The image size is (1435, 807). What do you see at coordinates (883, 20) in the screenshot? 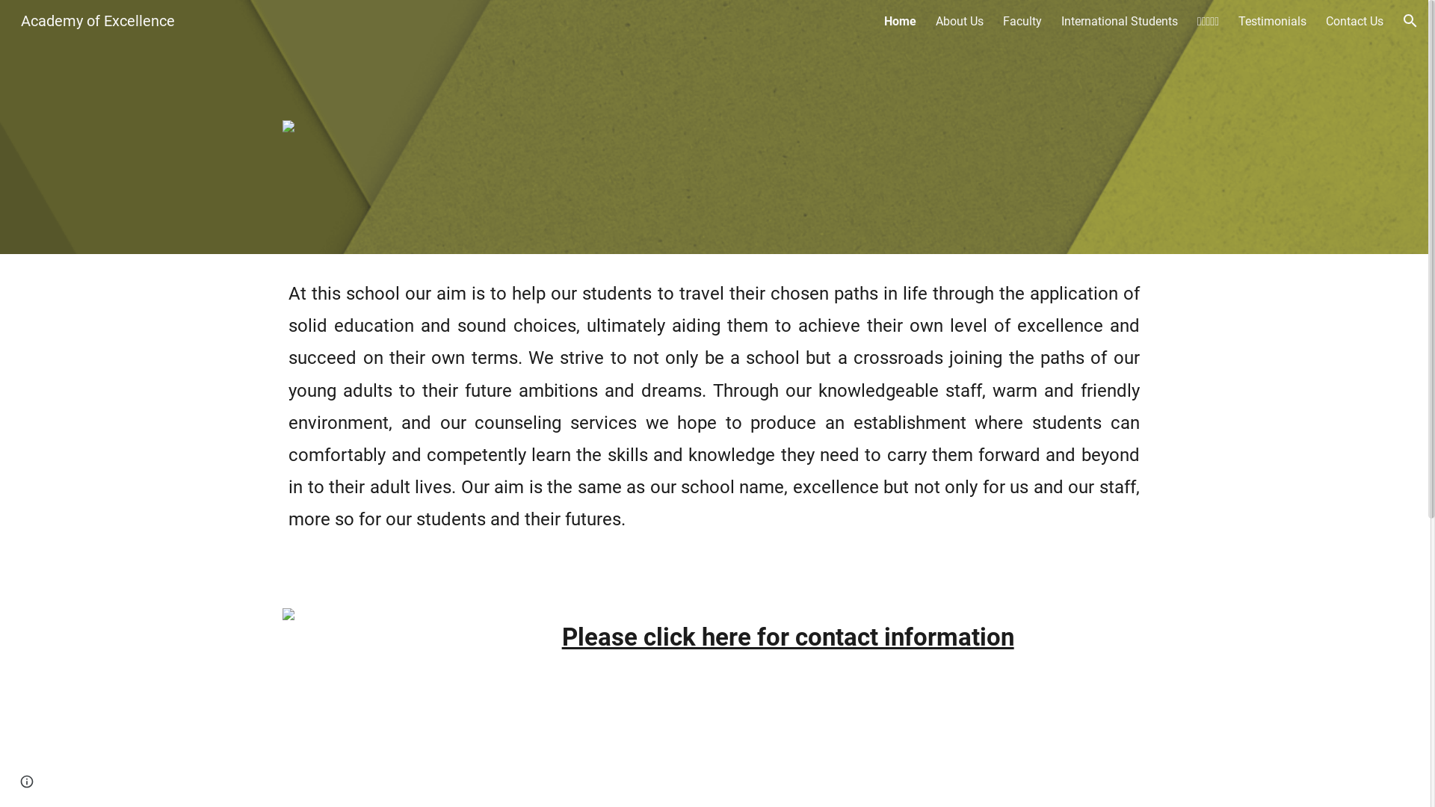
I see `'Home'` at bounding box center [883, 20].